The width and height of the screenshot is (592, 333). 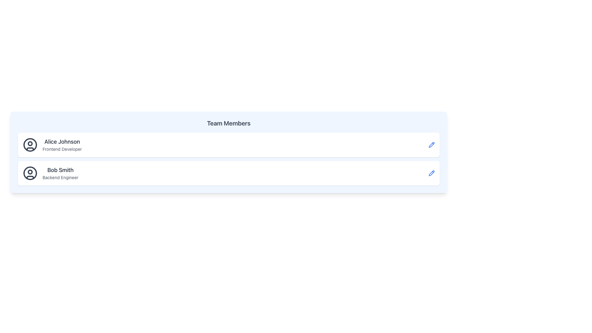 What do you see at coordinates (30, 145) in the screenshot?
I see `the circular user icon with a gray border, representing a profile, located next to the text 'Alice Johnson' and 'Frontend Developer' in the first list item` at bounding box center [30, 145].